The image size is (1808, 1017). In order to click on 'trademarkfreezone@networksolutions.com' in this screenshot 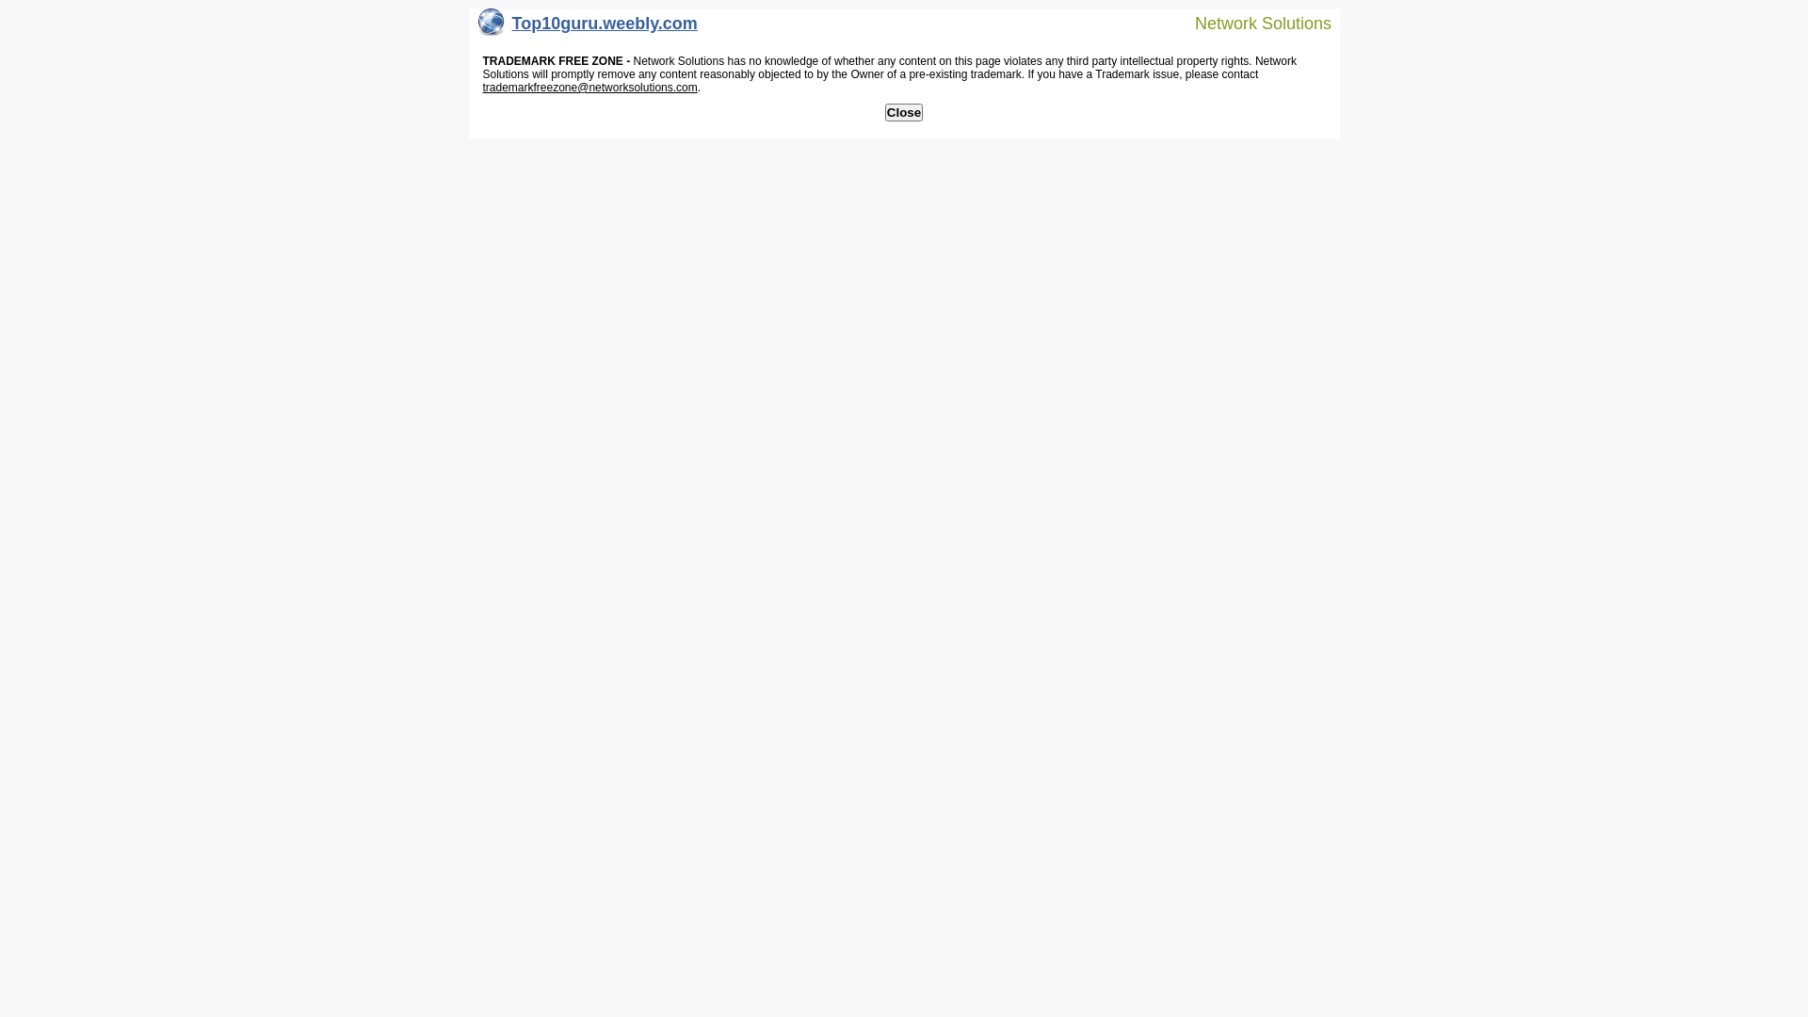, I will do `click(482, 87)`.